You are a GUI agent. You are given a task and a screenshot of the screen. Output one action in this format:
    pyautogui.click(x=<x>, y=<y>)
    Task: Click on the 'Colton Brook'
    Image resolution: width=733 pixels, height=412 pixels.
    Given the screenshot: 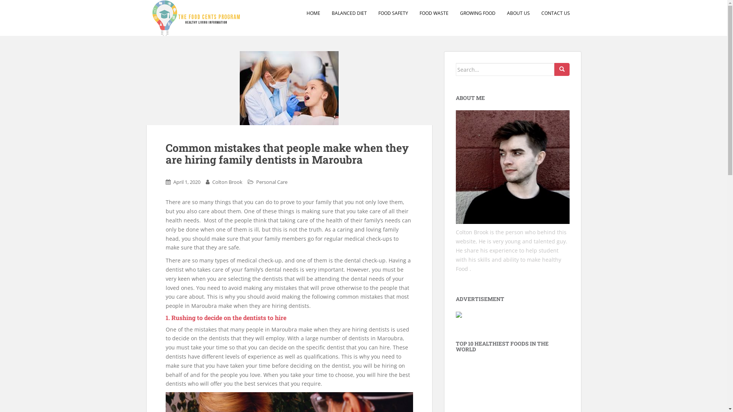 What is the action you would take?
    pyautogui.click(x=227, y=182)
    